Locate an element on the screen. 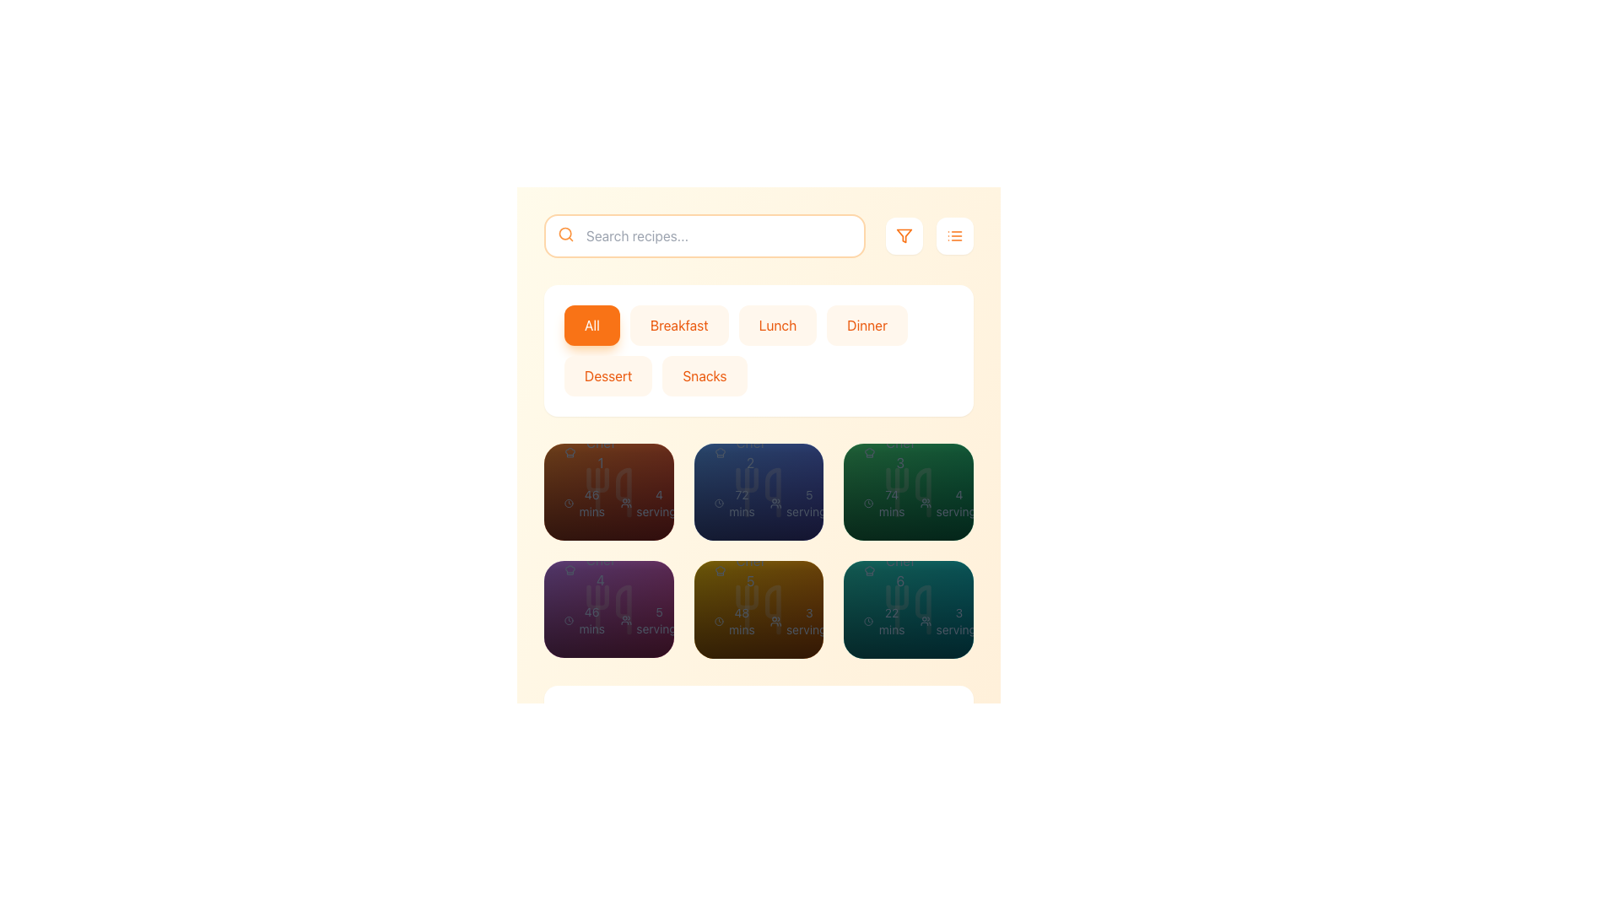  the small clock-shaped icon with a clean, minimal aesthetic located in the right-most column and second row of the grid layout, next to the '74 mins' text is located at coordinates (868, 503).